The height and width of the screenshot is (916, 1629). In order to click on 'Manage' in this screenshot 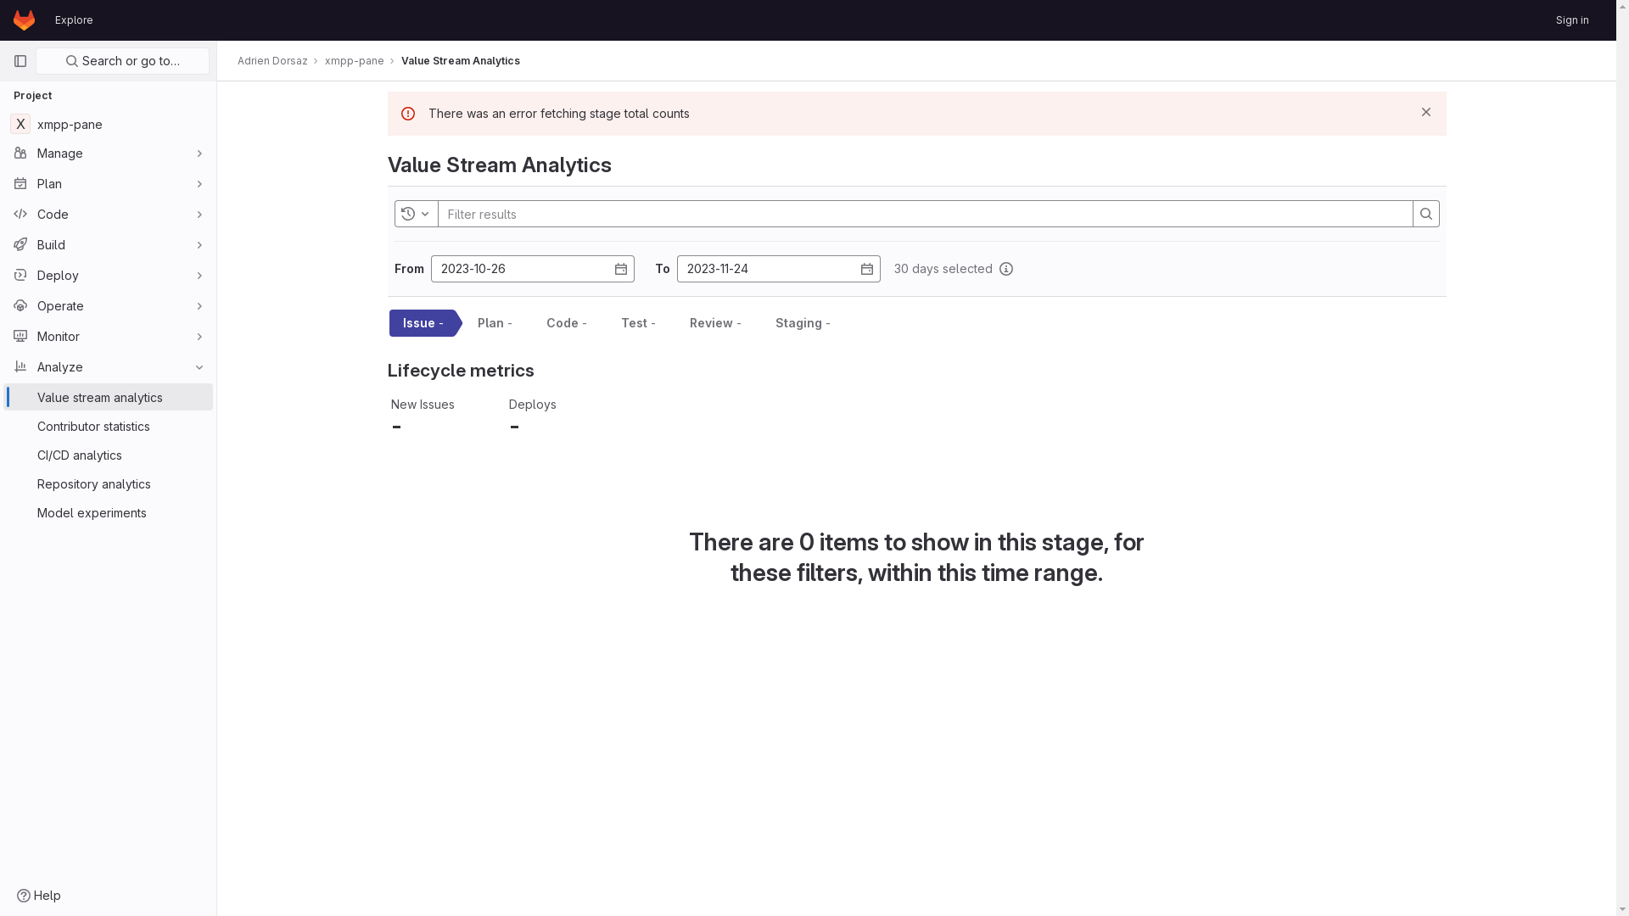, I will do `click(107, 153)`.